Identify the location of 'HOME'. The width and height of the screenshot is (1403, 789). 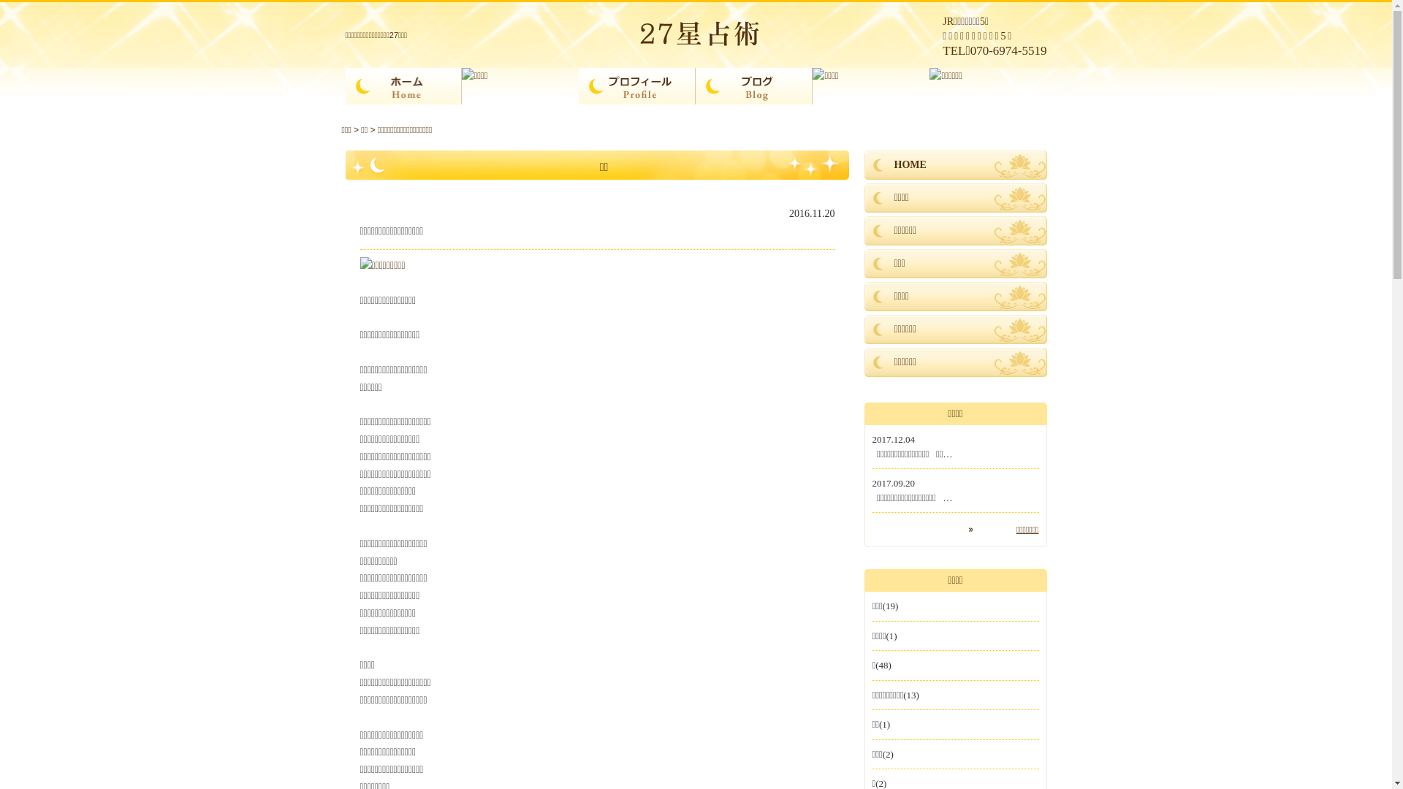
(954, 164).